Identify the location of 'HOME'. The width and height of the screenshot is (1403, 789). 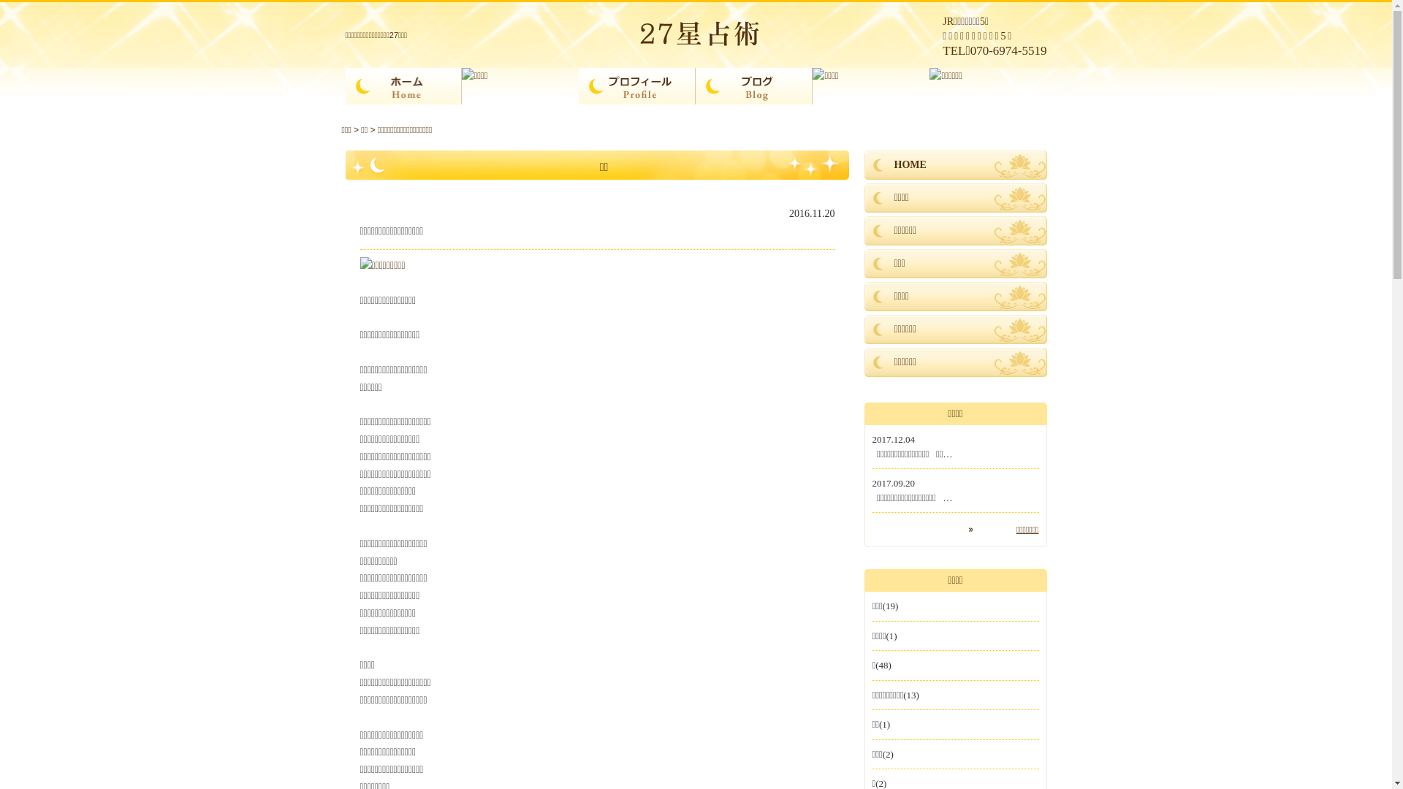
(954, 164).